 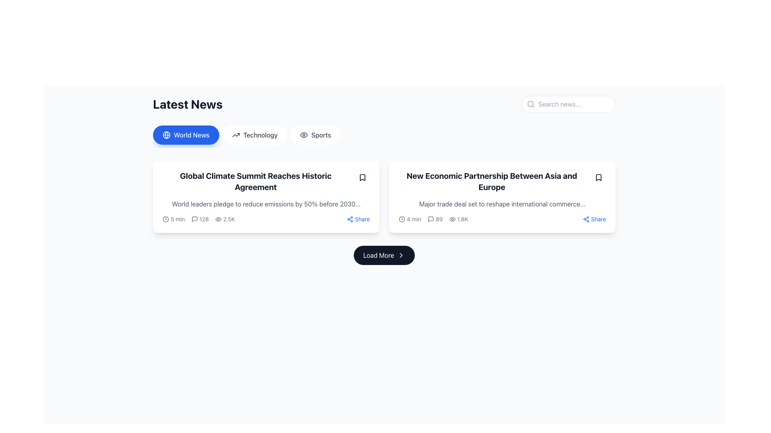 I want to click on the text label providing a summary about the article titled 'Global Climate Summit Reaches Historic Agreement', located centrally beneath the title in the first card under the 'World News' tab for accessibility purposes, so click(x=266, y=204).